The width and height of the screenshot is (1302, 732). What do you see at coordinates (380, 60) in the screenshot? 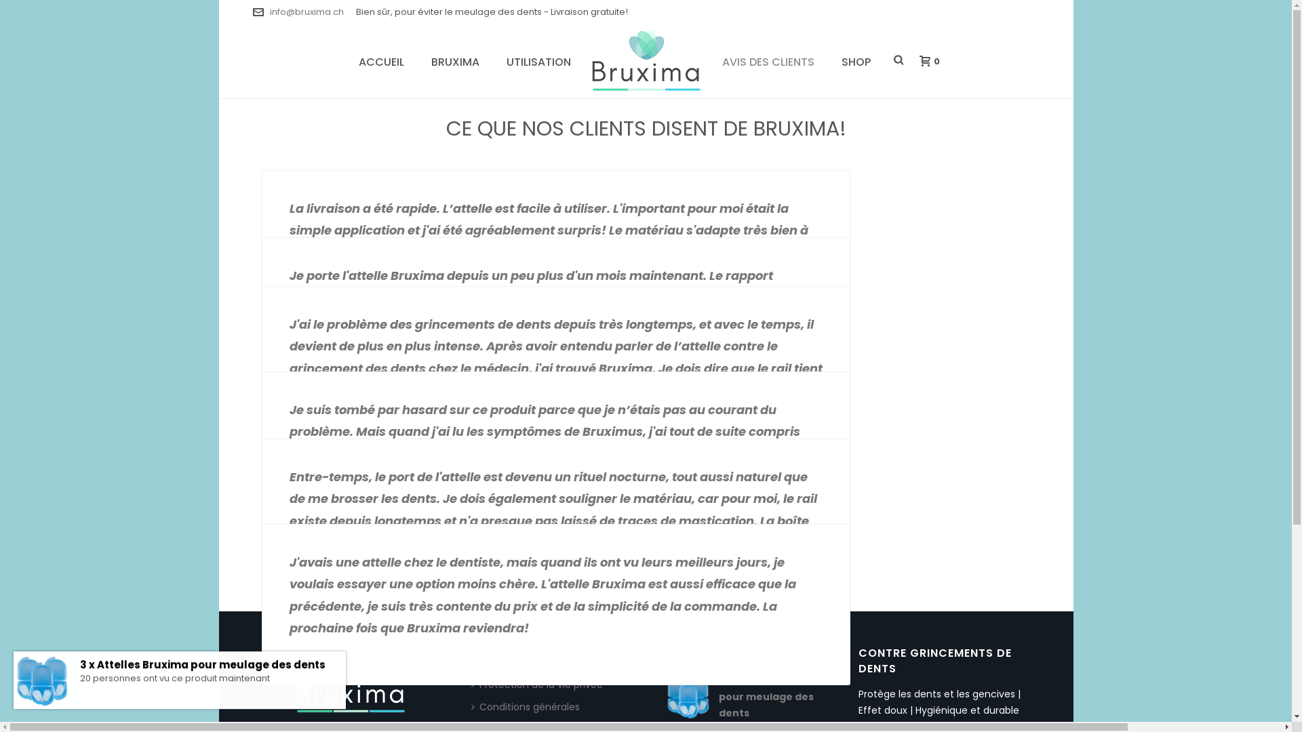
I see `'ACCUEIL'` at bounding box center [380, 60].